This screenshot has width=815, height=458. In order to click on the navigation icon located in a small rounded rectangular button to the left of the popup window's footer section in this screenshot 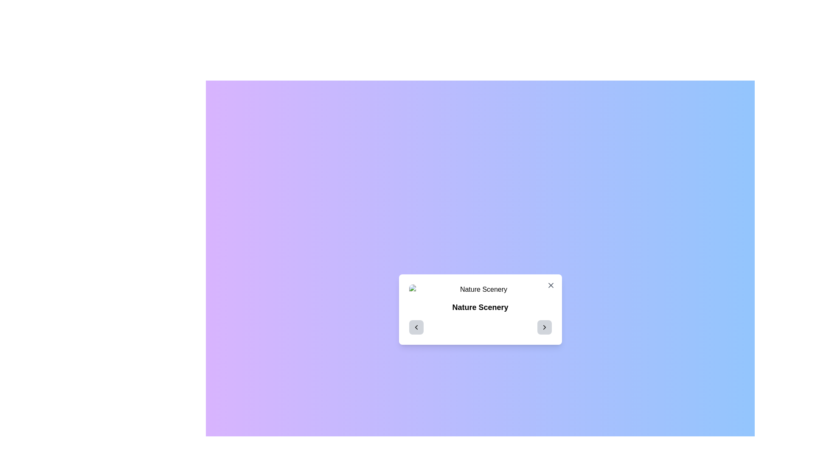, I will do `click(416, 327)`.